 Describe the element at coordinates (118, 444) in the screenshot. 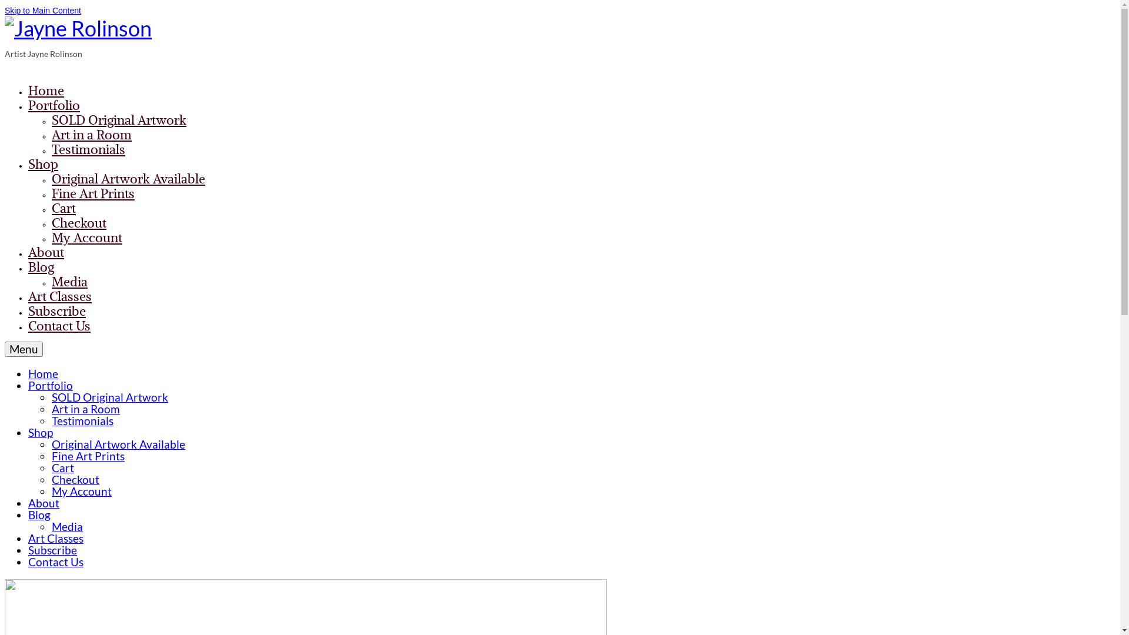

I see `'Original Artwork Available'` at that location.